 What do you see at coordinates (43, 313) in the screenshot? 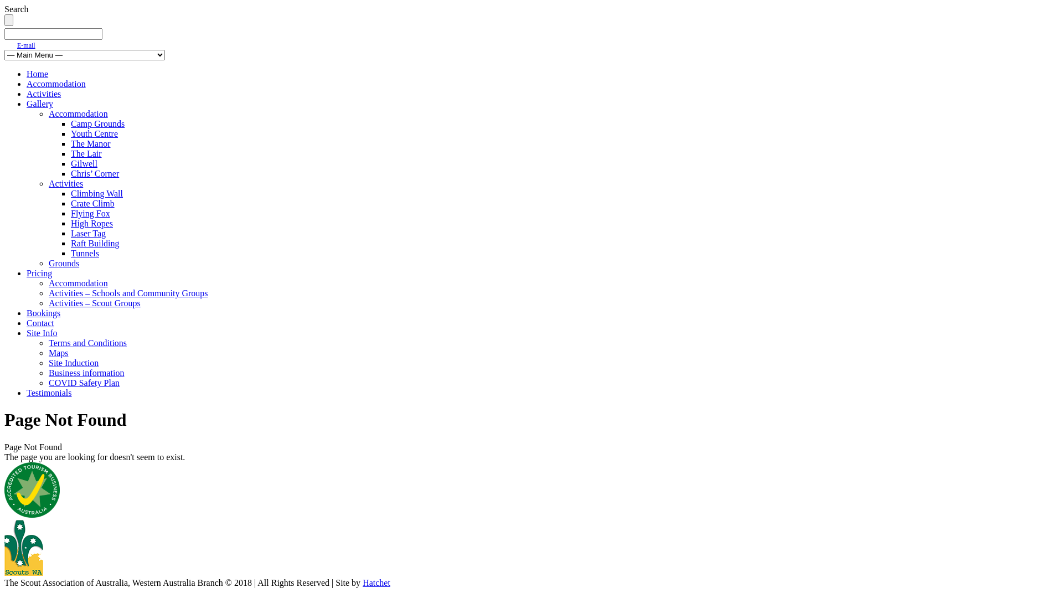
I see `'Bookings'` at bounding box center [43, 313].